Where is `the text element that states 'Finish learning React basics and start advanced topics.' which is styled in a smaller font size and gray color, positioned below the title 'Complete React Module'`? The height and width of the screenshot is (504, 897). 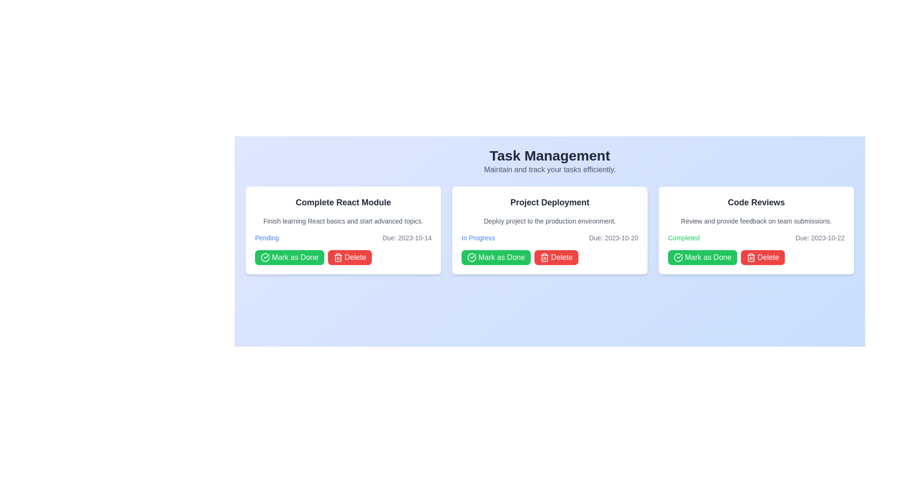
the text element that states 'Finish learning React basics and start advanced topics.' which is styled in a smaller font size and gray color, positioned below the title 'Complete React Module' is located at coordinates (342, 221).